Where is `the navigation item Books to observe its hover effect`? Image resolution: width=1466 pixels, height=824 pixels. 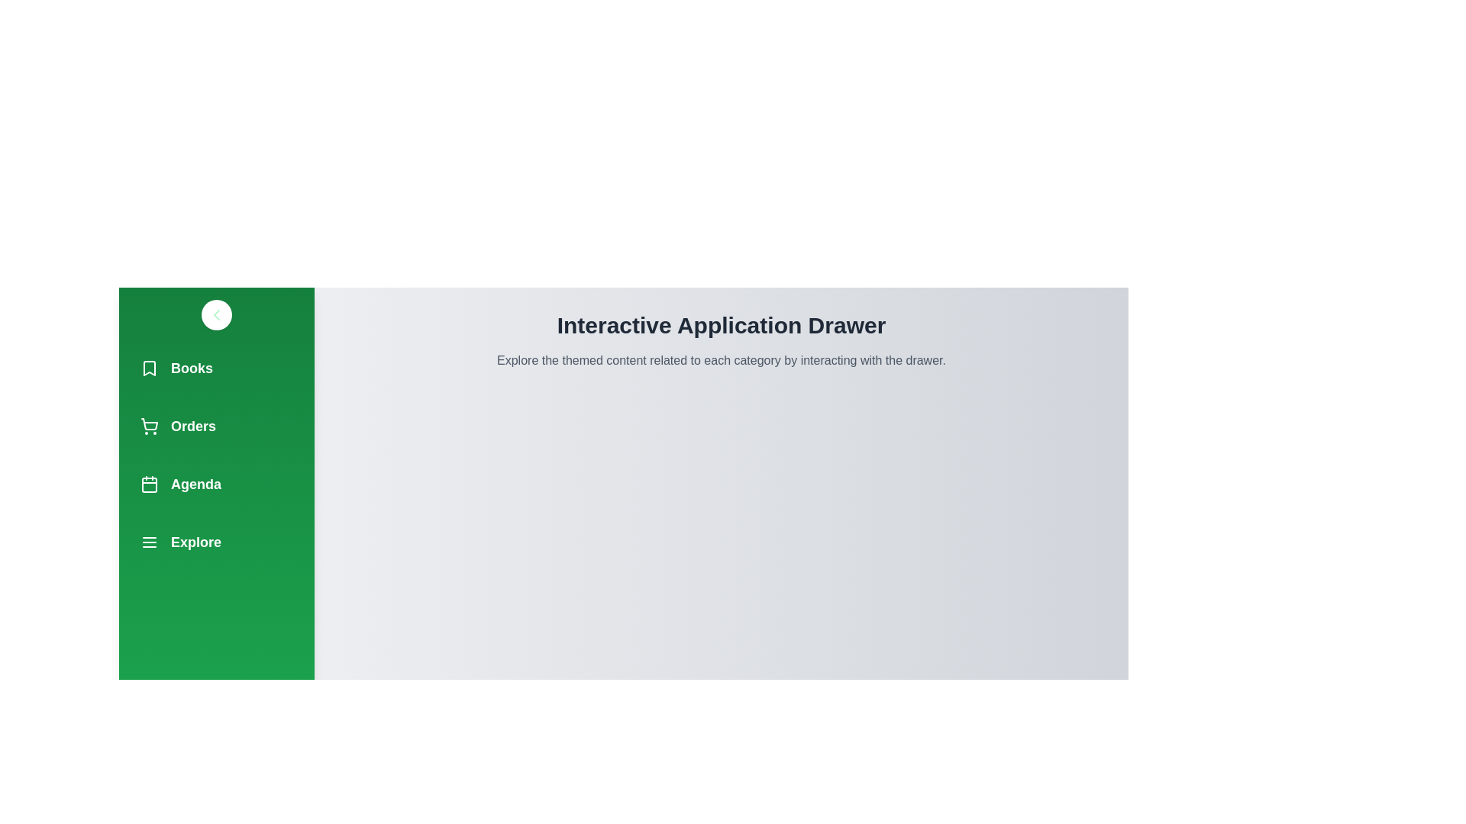
the navigation item Books to observe its hover effect is located at coordinates (215, 368).